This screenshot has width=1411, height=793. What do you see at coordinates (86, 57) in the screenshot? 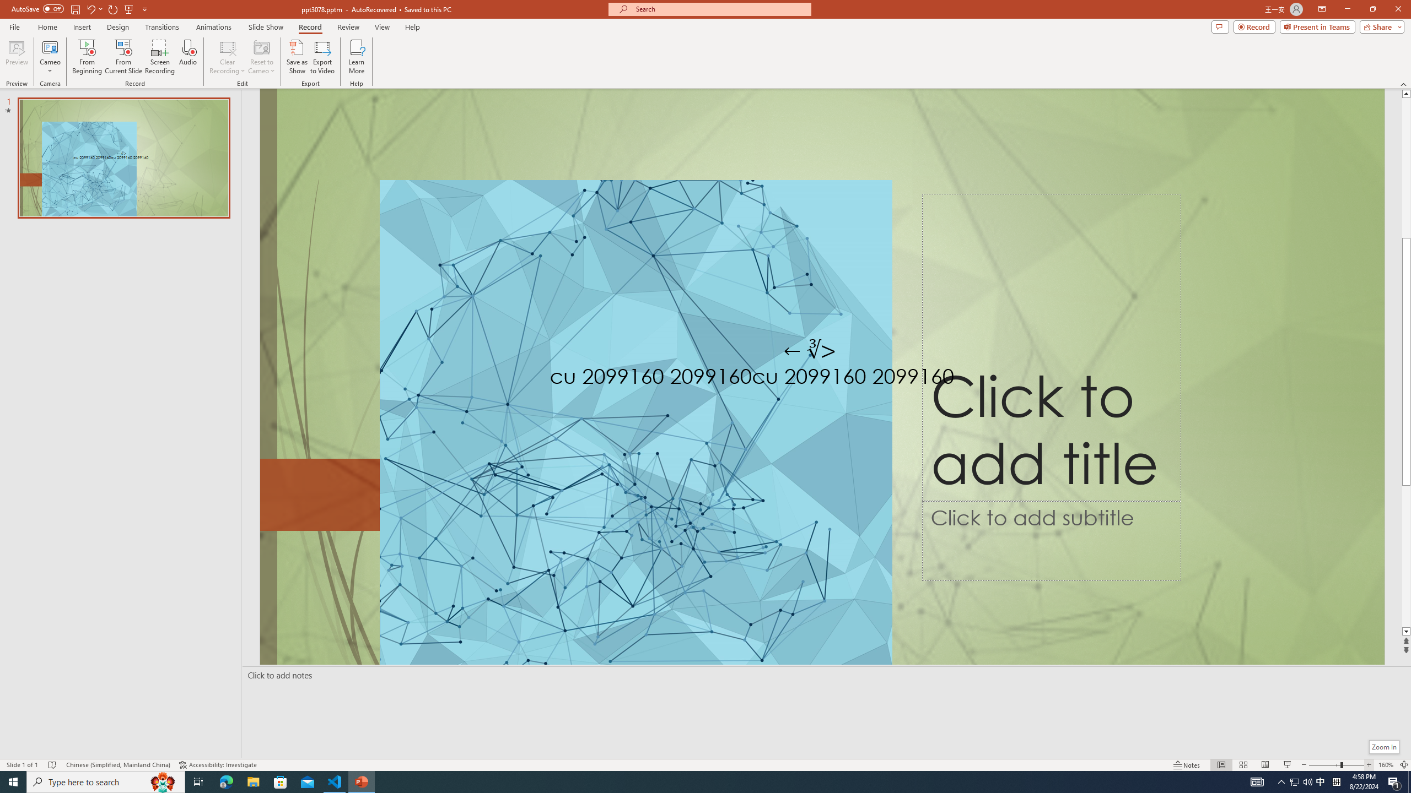
I see `'From Beginning...'` at bounding box center [86, 57].